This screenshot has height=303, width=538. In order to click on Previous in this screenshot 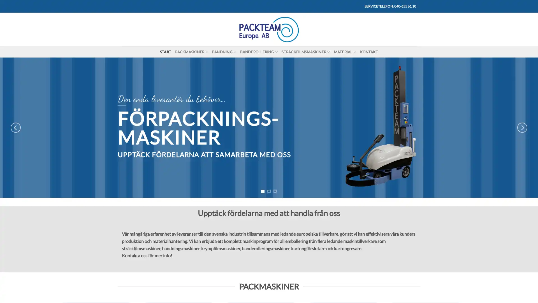, I will do `click(122, 211)`.